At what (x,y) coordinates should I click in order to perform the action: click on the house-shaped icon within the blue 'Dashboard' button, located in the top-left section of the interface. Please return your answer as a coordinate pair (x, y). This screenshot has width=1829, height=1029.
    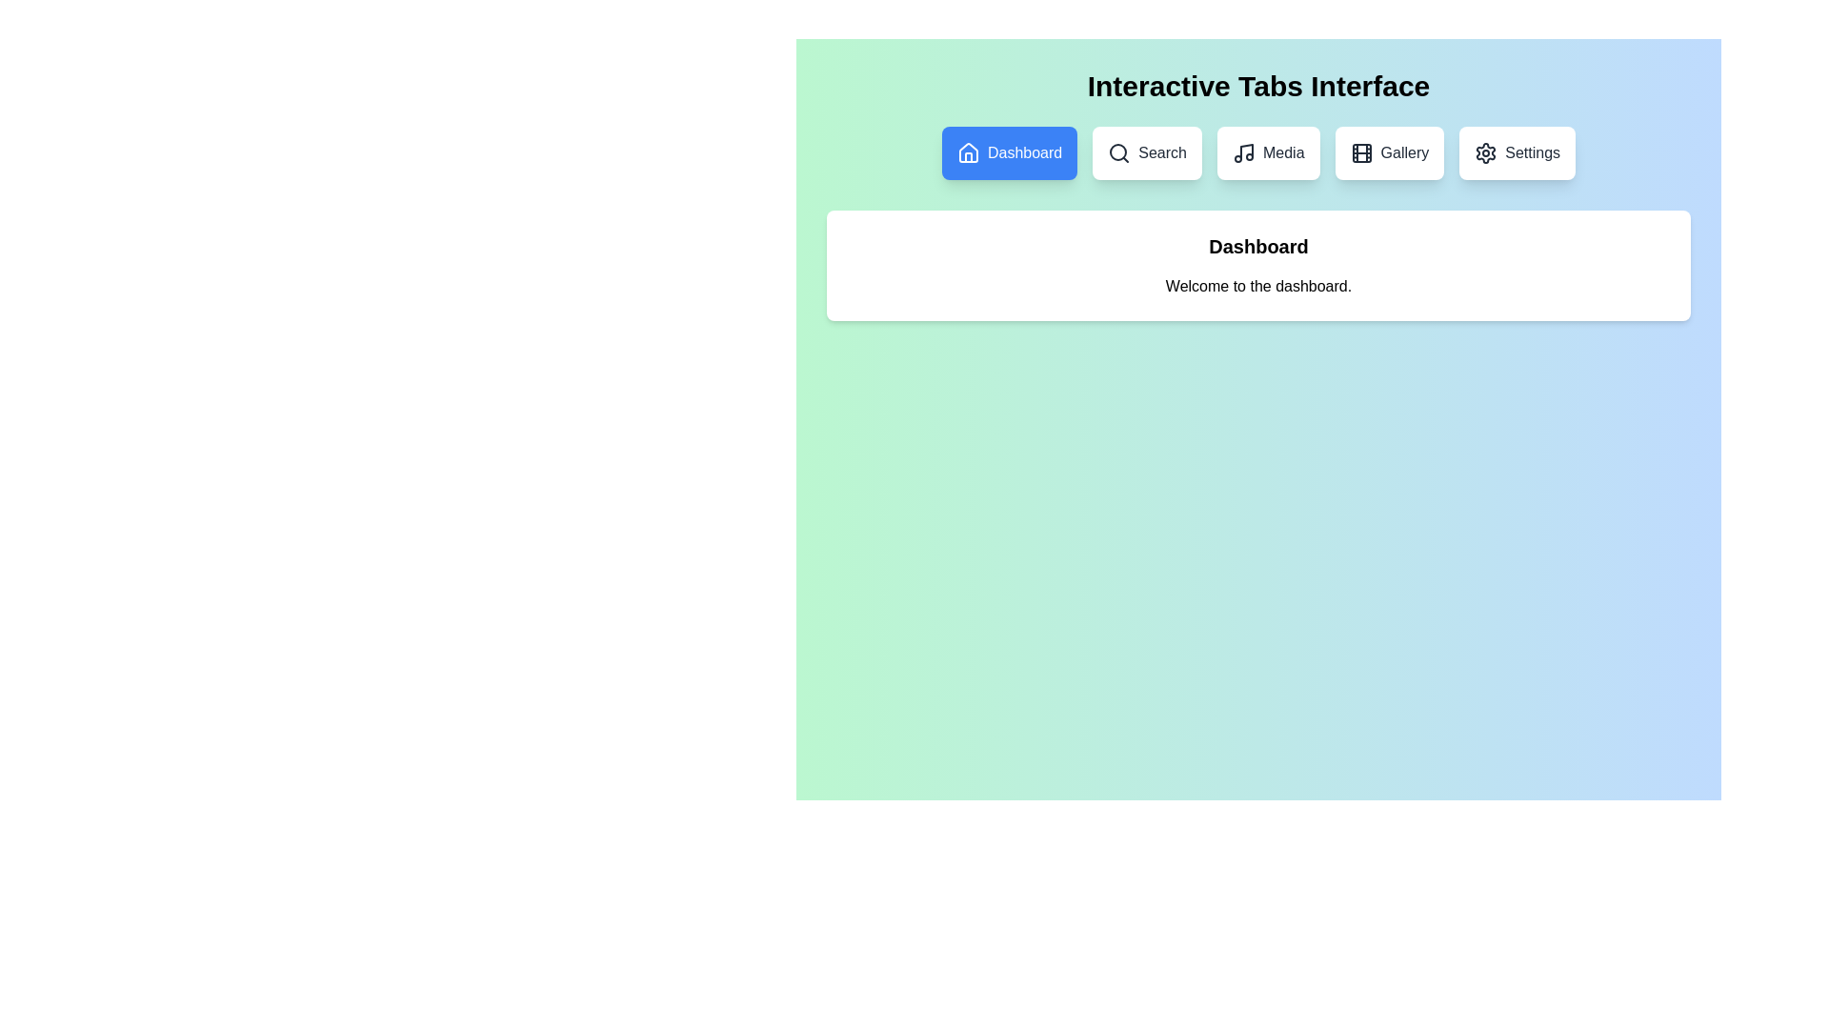
    Looking at the image, I should click on (969, 151).